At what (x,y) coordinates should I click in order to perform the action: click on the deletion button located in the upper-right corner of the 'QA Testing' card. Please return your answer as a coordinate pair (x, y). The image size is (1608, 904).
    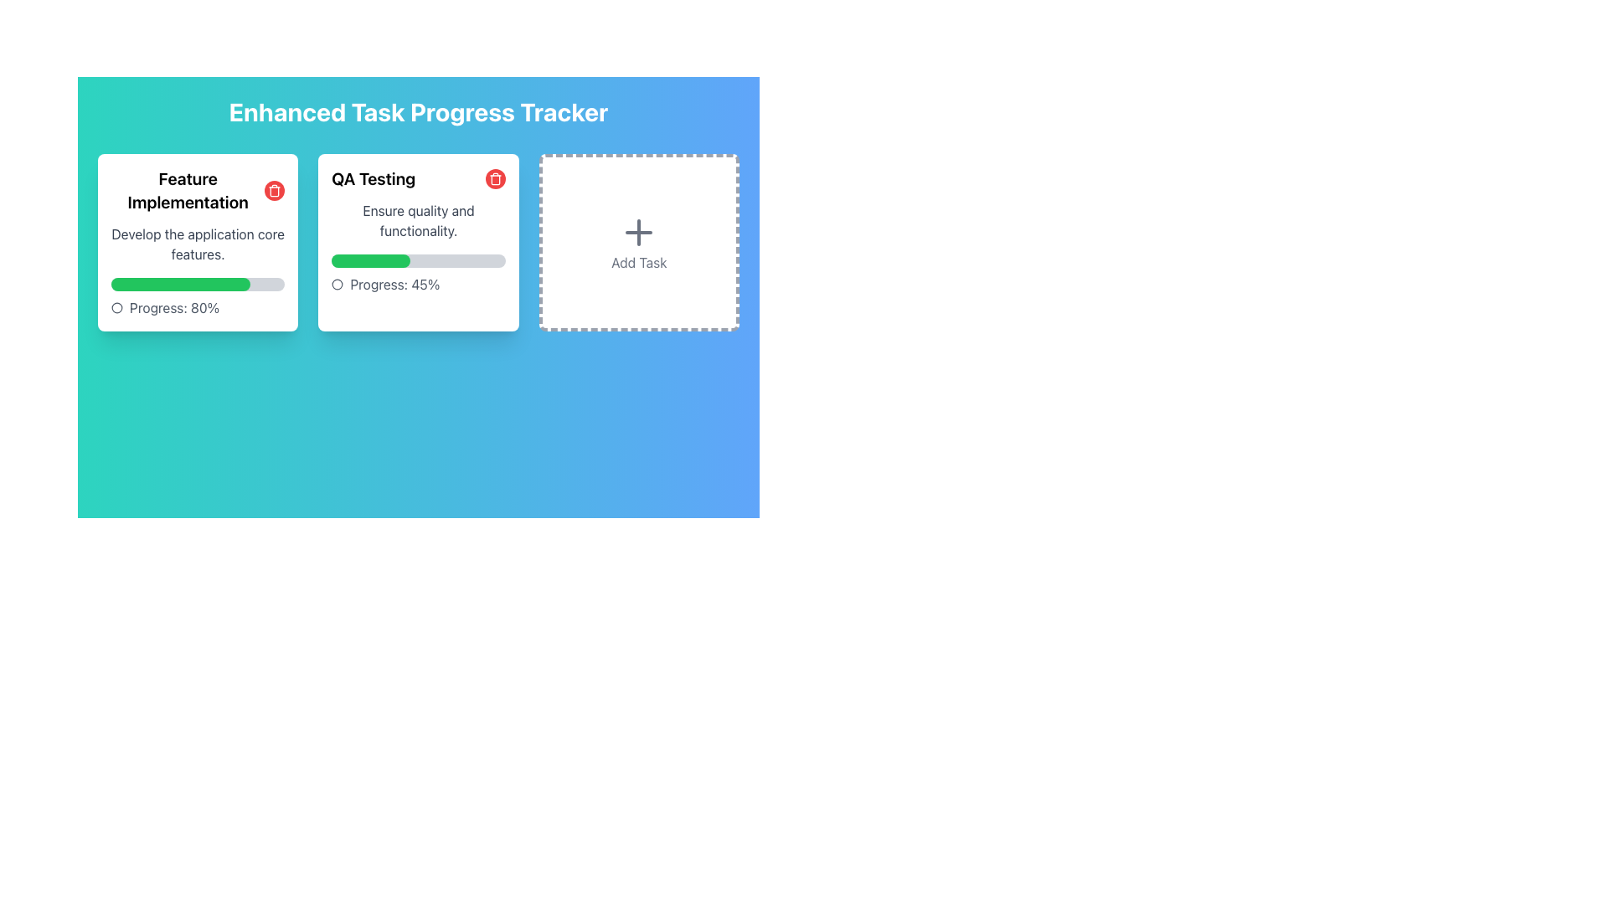
    Looking at the image, I should click on (494, 178).